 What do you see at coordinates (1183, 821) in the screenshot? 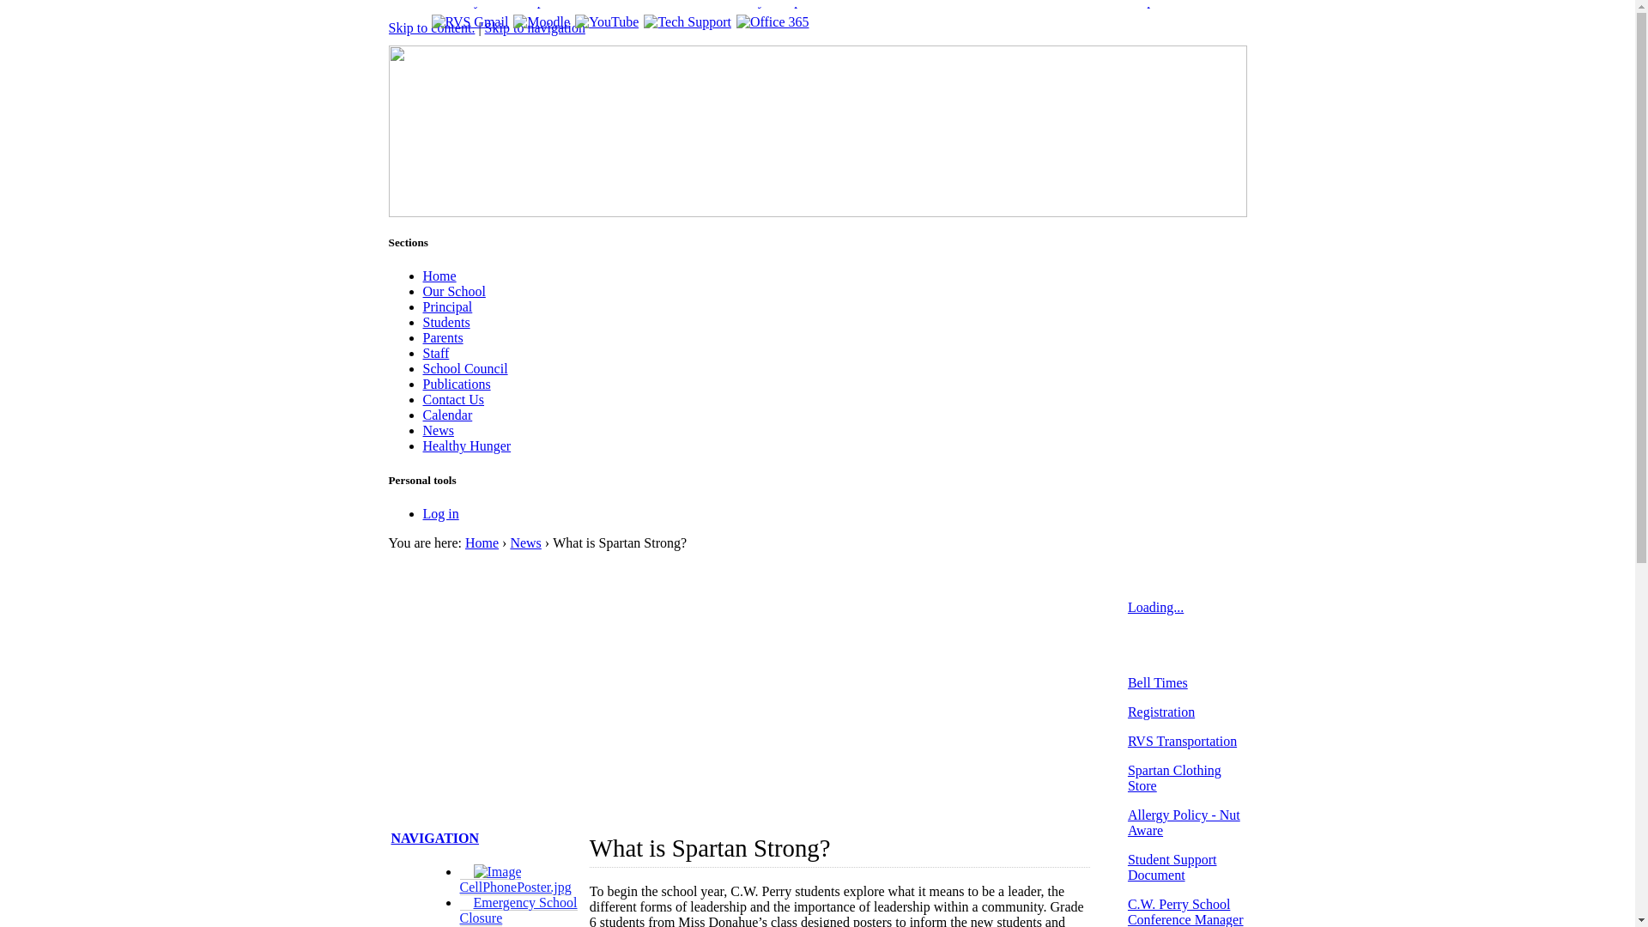
I see `'Allergy Policy - Nut Aware'` at bounding box center [1183, 821].